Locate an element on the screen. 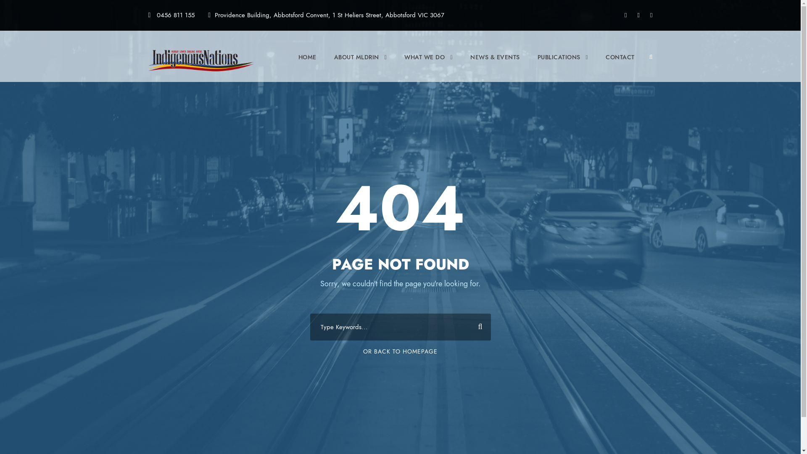 Image resolution: width=807 pixels, height=454 pixels. 'PUBLICATIONS' is located at coordinates (563, 64).